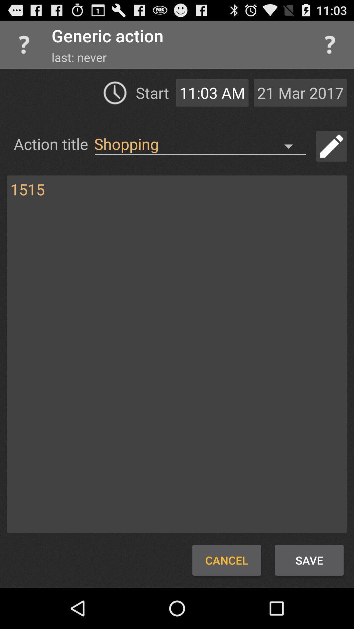 The height and width of the screenshot is (629, 354). I want to click on help menu, so click(330, 44).